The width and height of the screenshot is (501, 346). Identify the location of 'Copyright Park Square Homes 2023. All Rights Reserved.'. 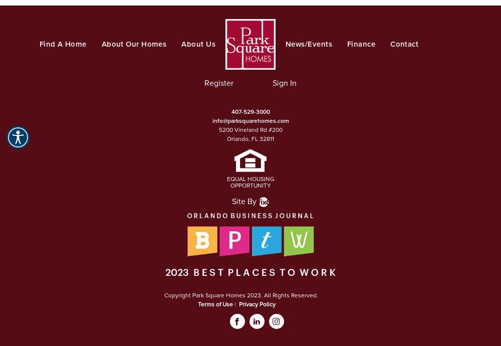
(239, 294).